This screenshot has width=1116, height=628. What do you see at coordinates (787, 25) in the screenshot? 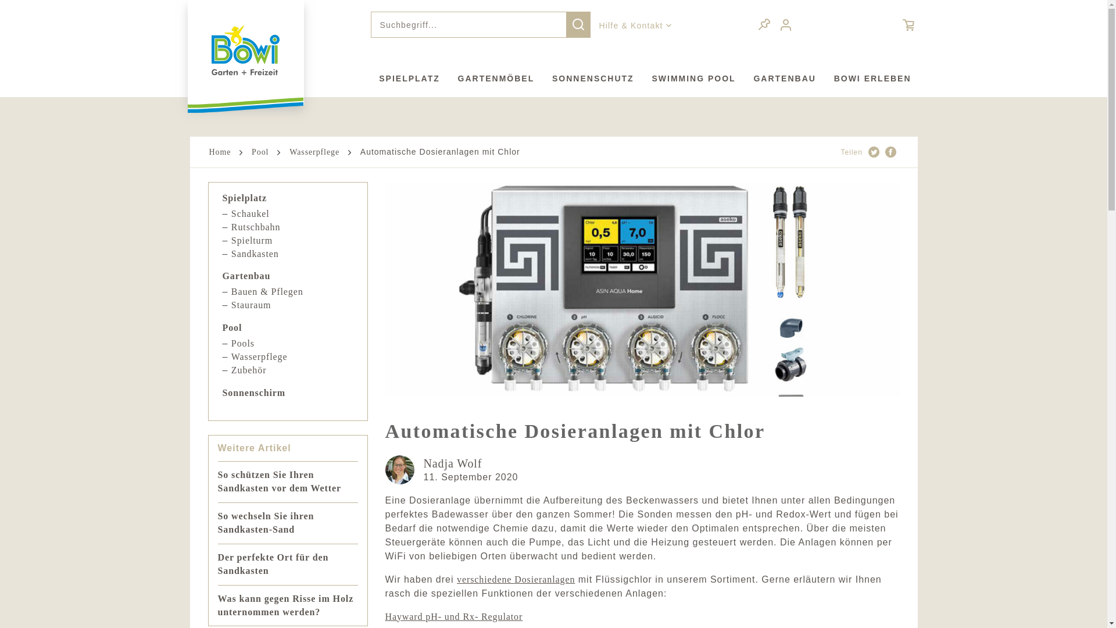
I see `'Mein Konto'` at bounding box center [787, 25].